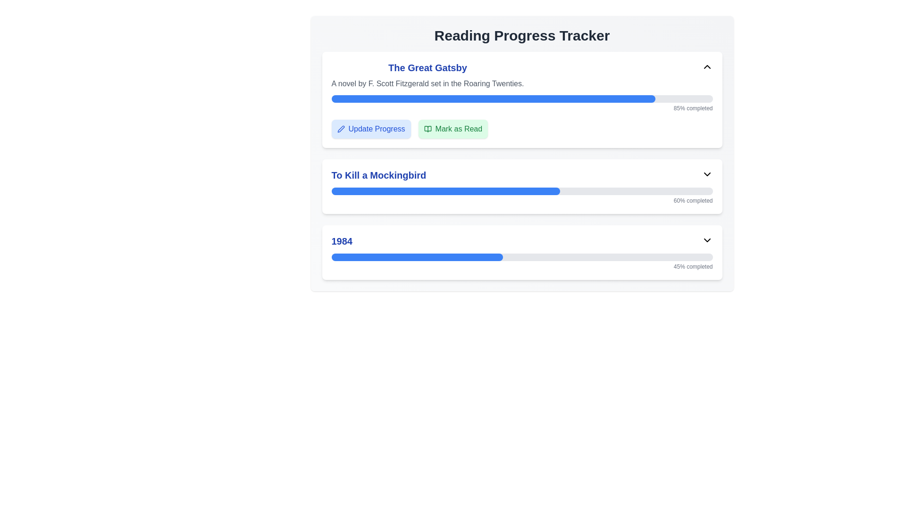 The width and height of the screenshot is (906, 509). What do you see at coordinates (521, 191) in the screenshot?
I see `the Progress bar indicating 60% completion, which is located below the section title 'To Kill a Mockingbird' in the 'Reading Progress Tracker'` at bounding box center [521, 191].